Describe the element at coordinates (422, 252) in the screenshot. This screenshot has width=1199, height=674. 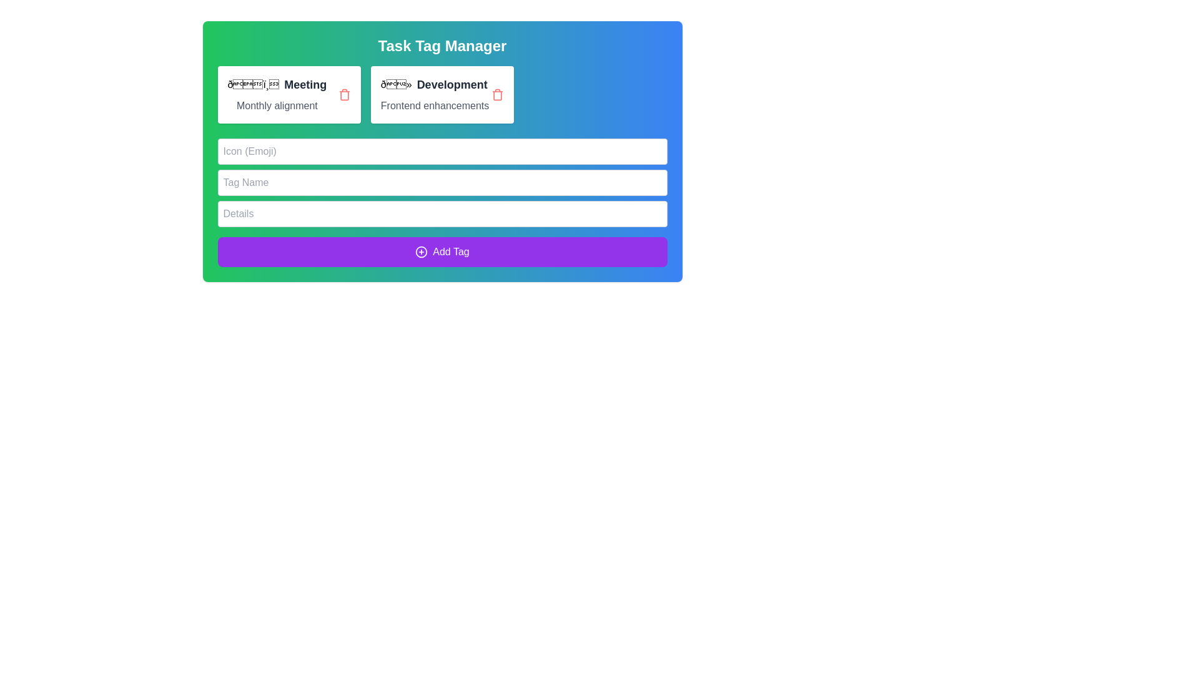
I see `the circular purple icon with a plus sign inside it, located to the left of the text in the 'Add Tag' button at the bottom center of the interface` at that location.